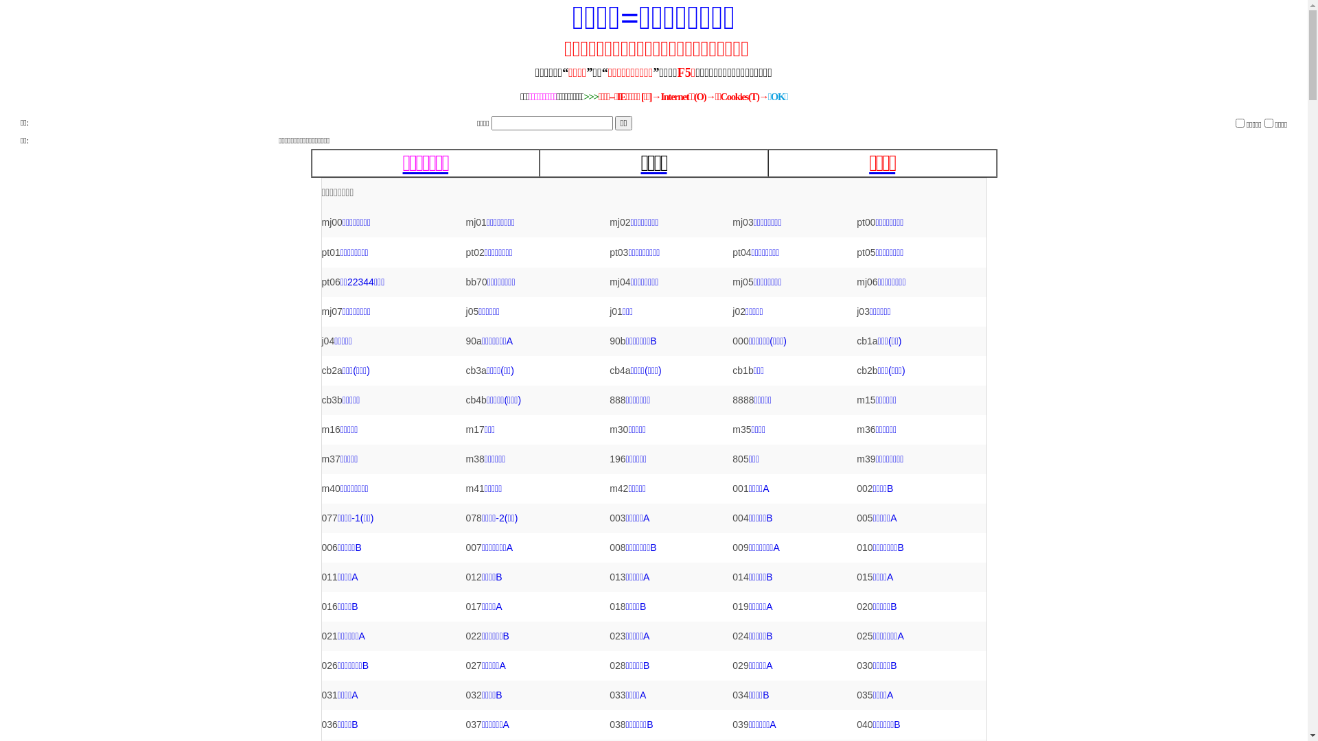  Describe the element at coordinates (618, 281) in the screenshot. I see `'mj04'` at that location.